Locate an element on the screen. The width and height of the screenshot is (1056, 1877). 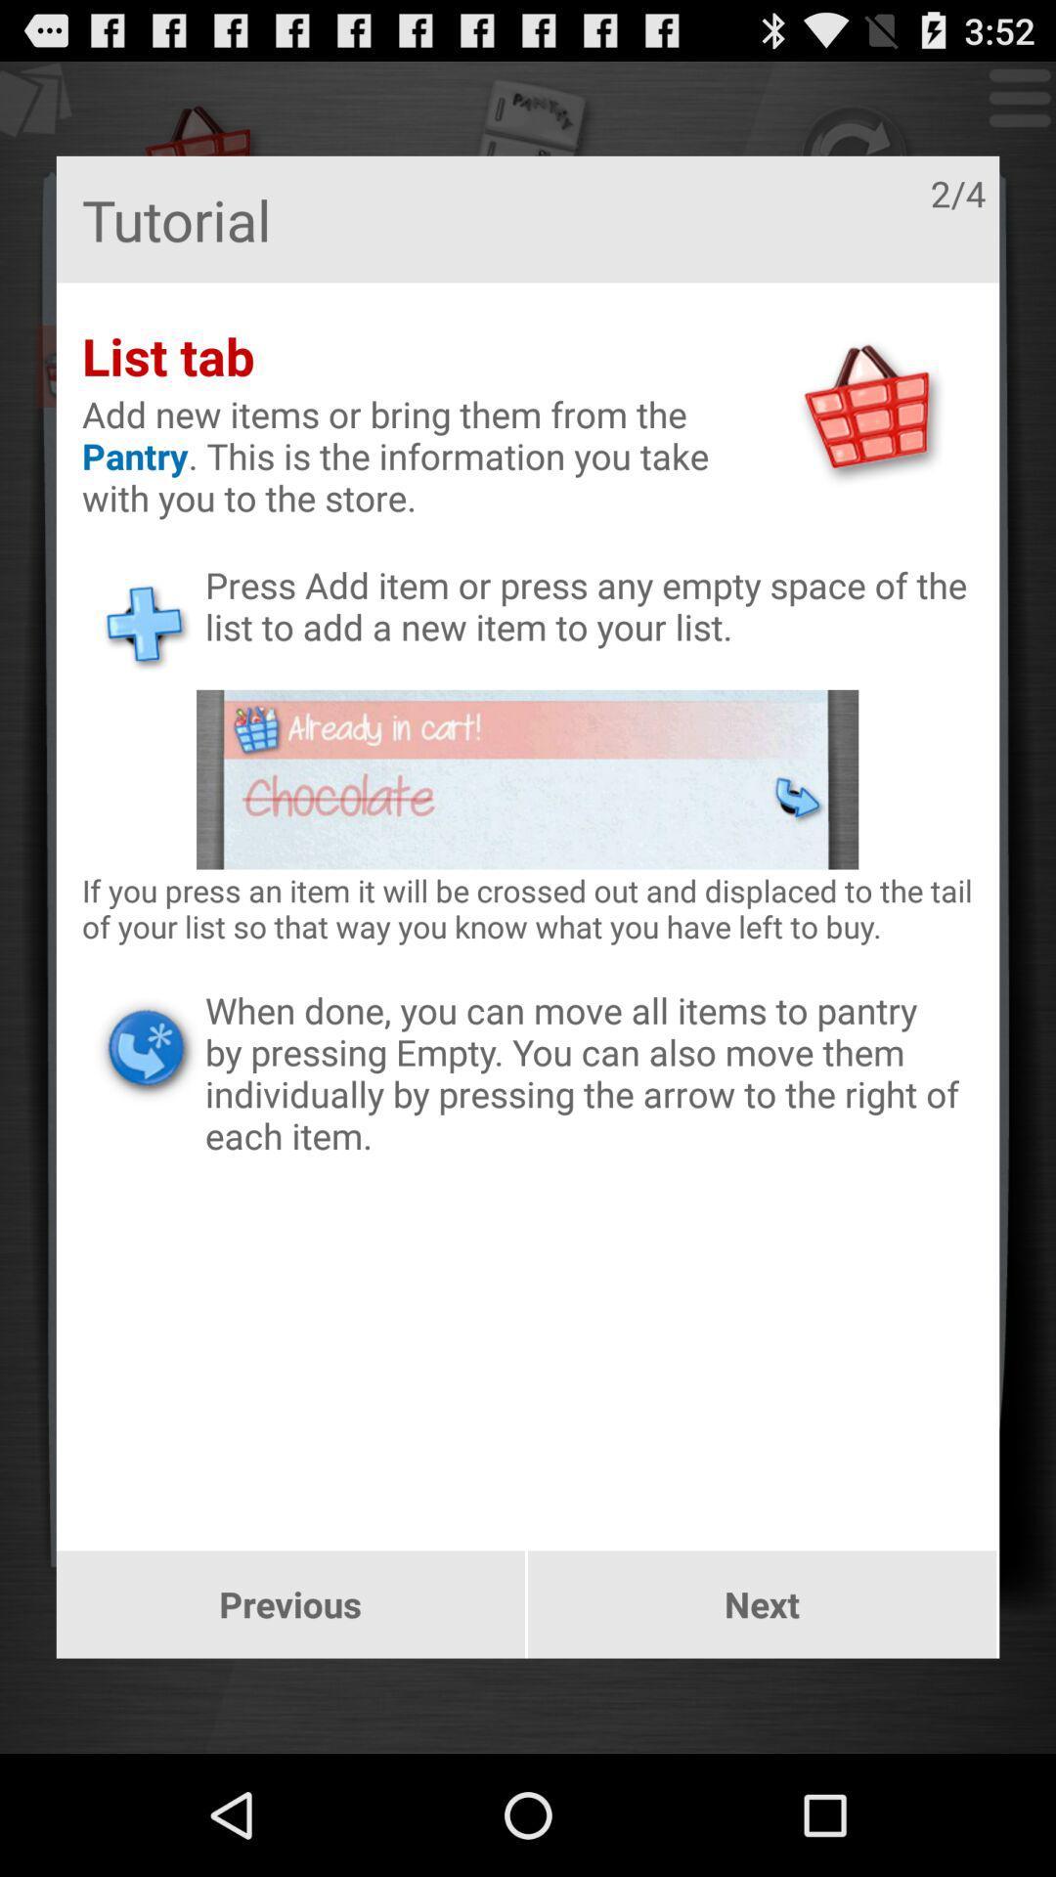
the button to the left of next item is located at coordinates (290, 1604).